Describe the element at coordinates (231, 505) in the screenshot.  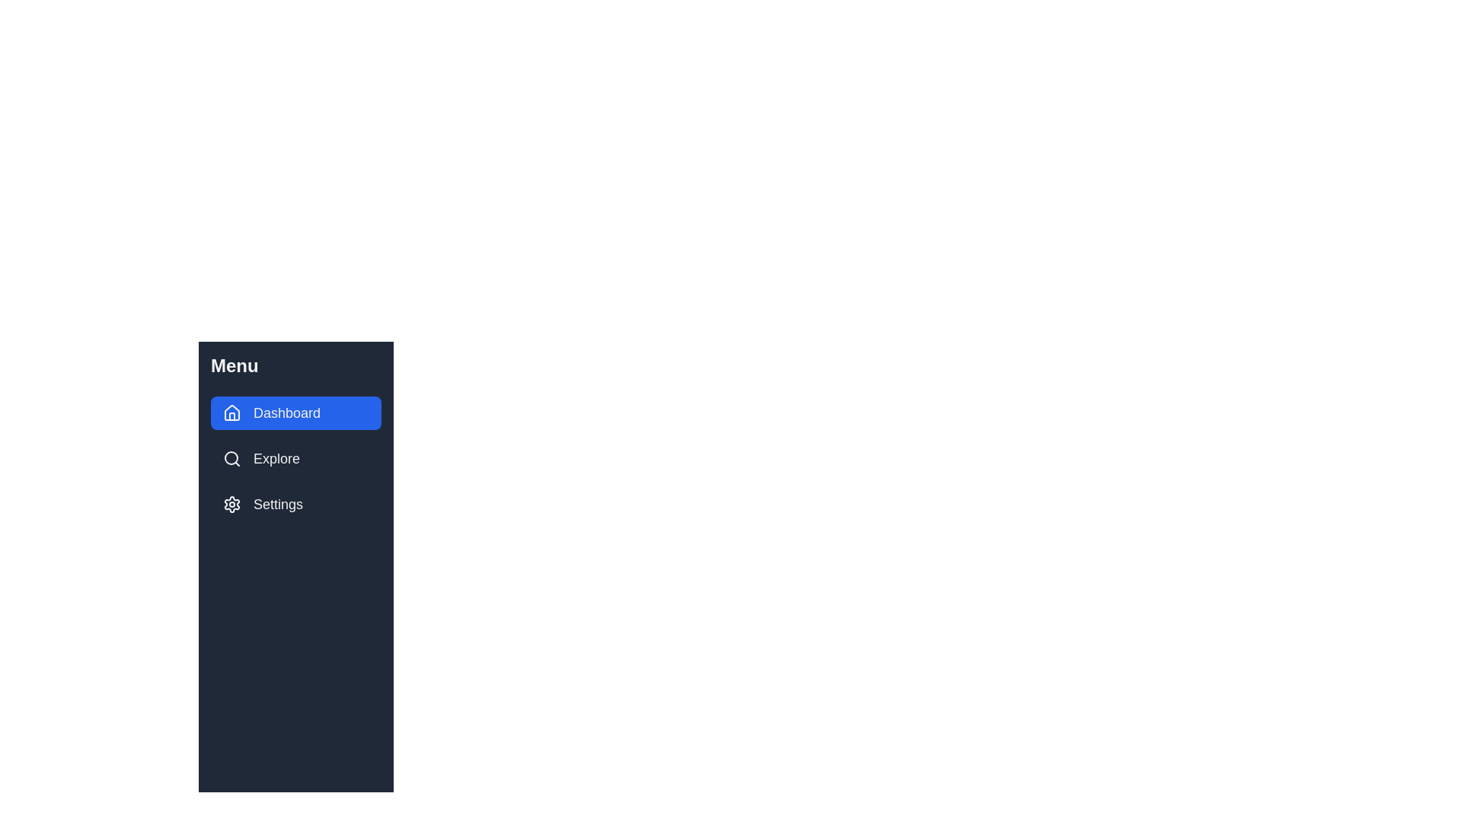
I see `the gear-shaped icon located to the left of the 'Settings' text` at that location.